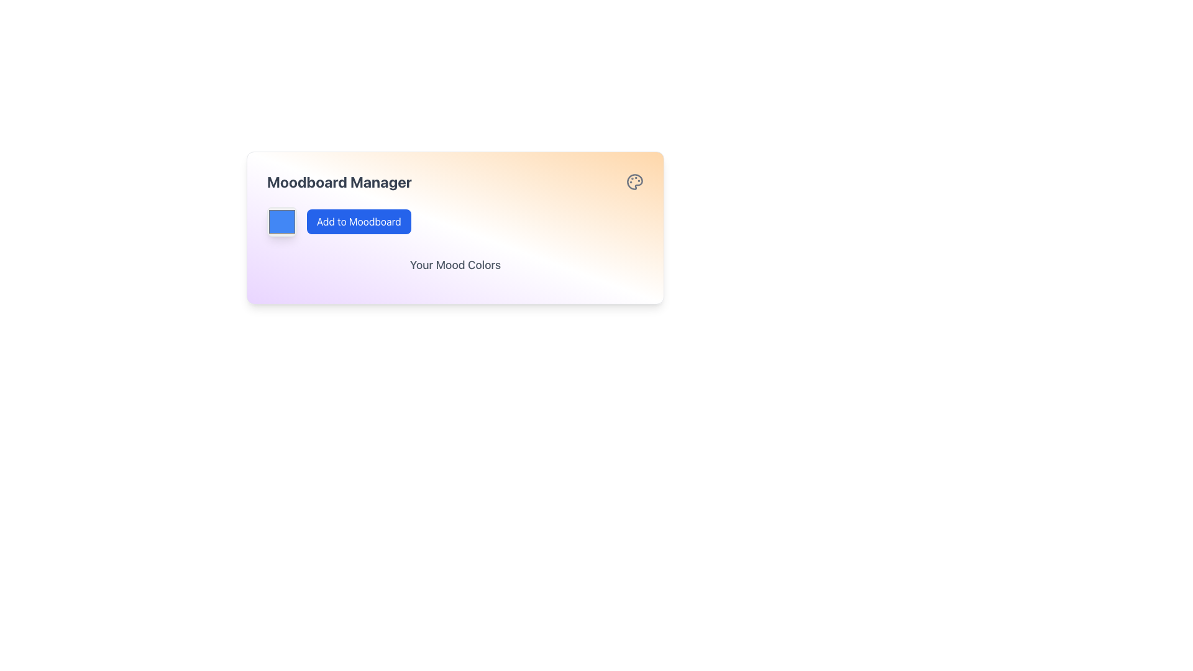 This screenshot has width=1193, height=671. What do you see at coordinates (281, 221) in the screenshot?
I see `the blue Color Preview Box, which is a square block with a blue fill and rounded corners` at bounding box center [281, 221].